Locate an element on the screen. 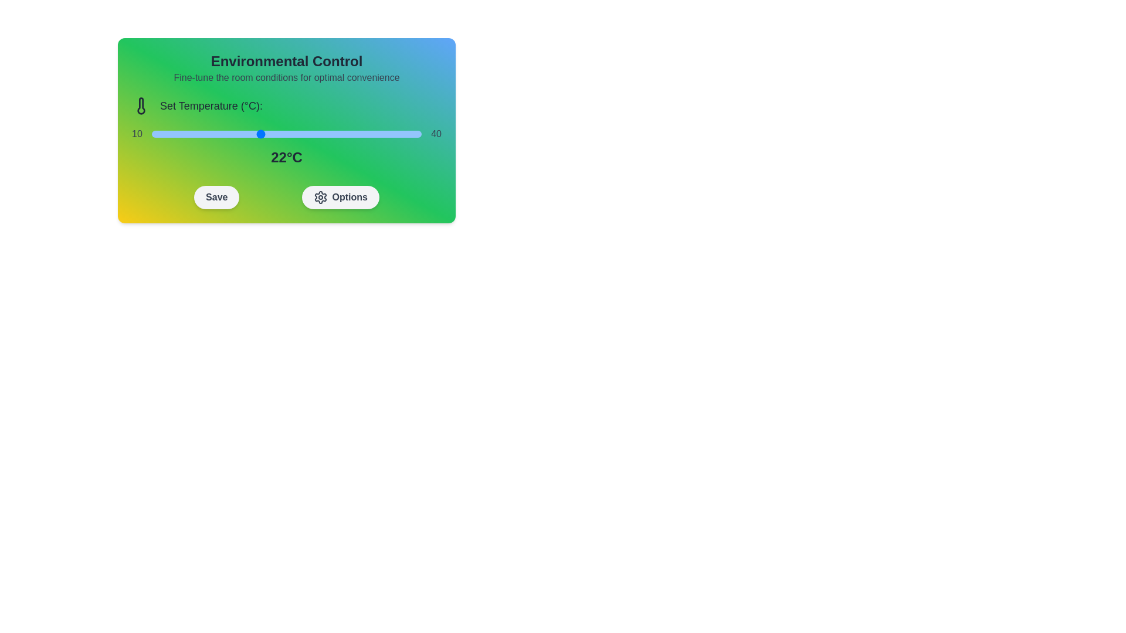  the temperature is located at coordinates (331, 133).